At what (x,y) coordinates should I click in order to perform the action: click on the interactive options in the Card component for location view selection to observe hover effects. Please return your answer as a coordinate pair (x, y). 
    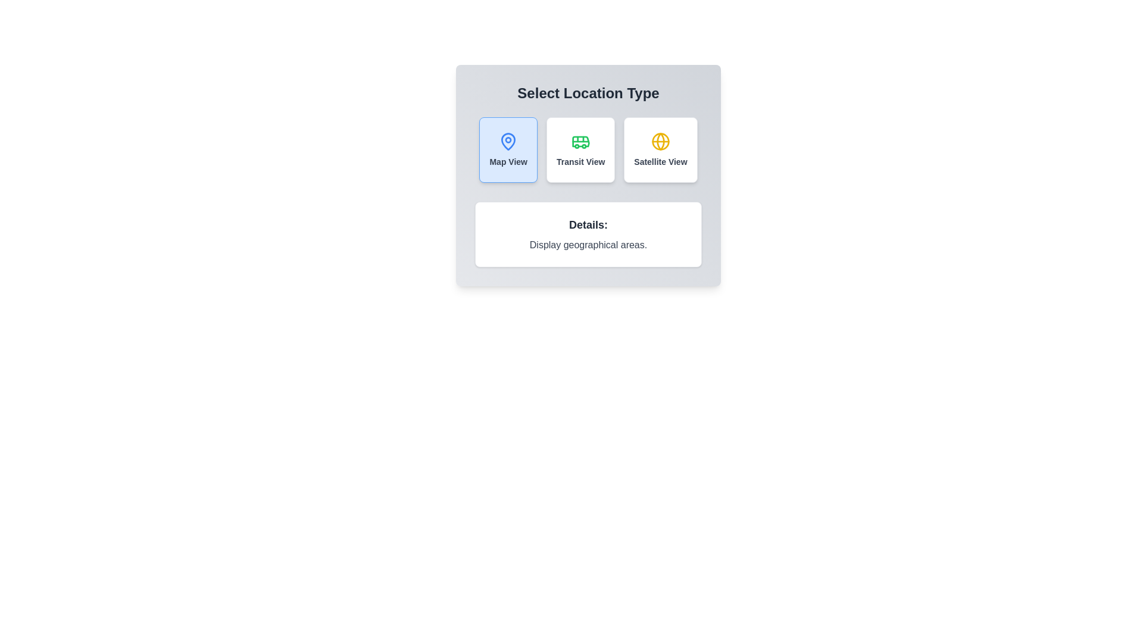
    Looking at the image, I should click on (588, 175).